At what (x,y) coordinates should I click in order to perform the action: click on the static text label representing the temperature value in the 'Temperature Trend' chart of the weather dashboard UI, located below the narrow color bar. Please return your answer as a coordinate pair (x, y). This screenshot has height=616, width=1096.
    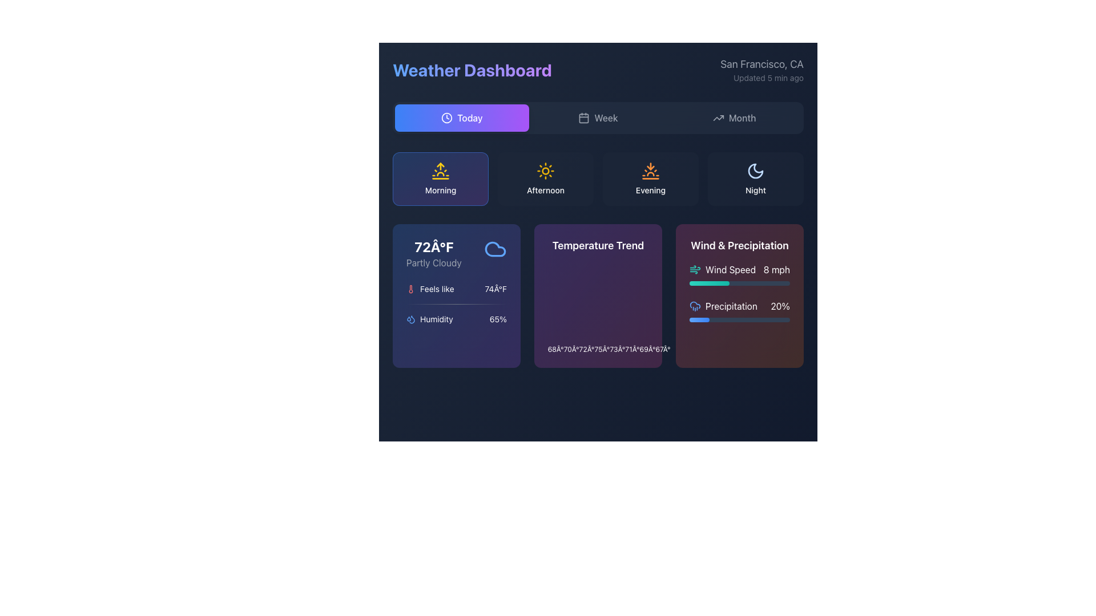
    Looking at the image, I should click on (617, 349).